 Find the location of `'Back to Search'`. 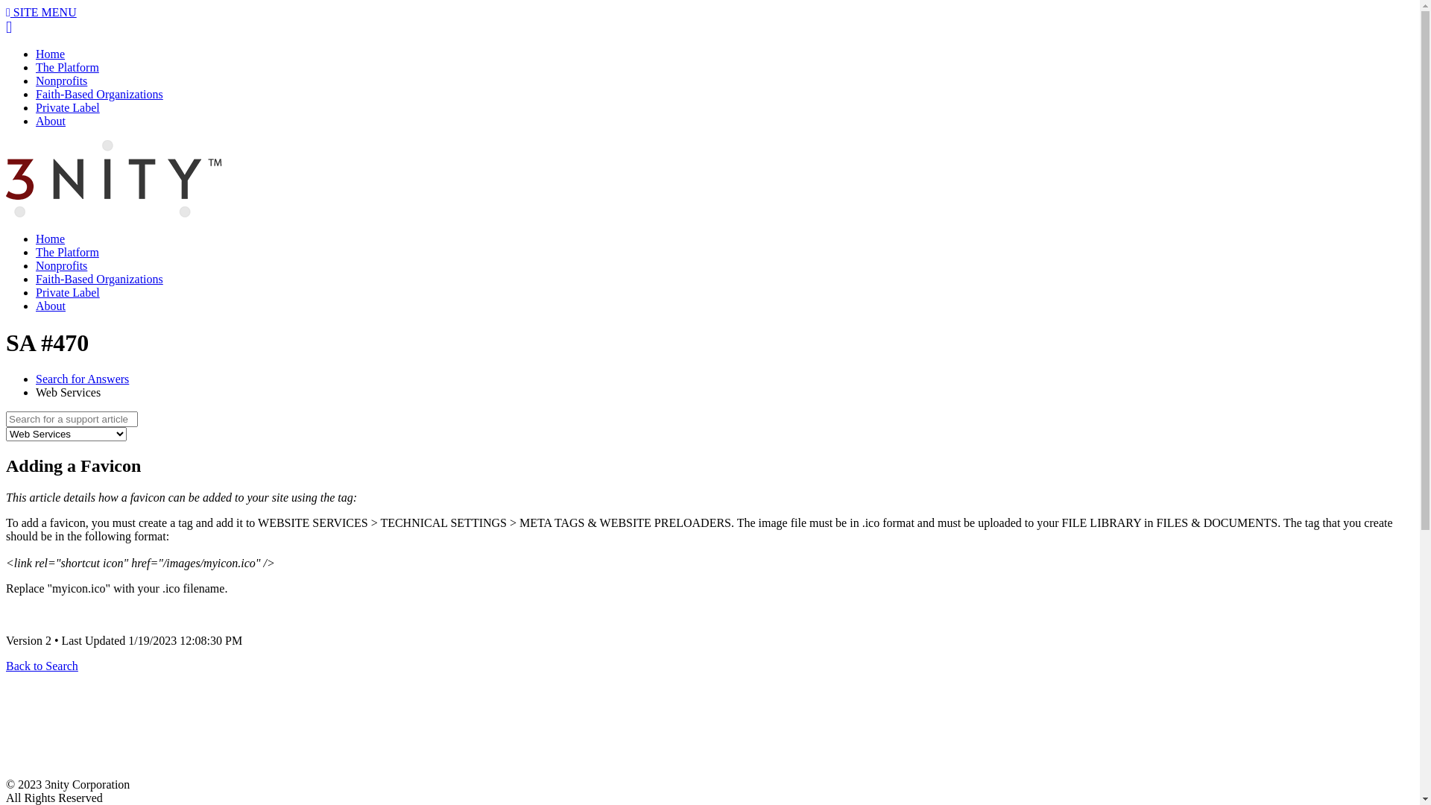

'Back to Search' is located at coordinates (42, 665).